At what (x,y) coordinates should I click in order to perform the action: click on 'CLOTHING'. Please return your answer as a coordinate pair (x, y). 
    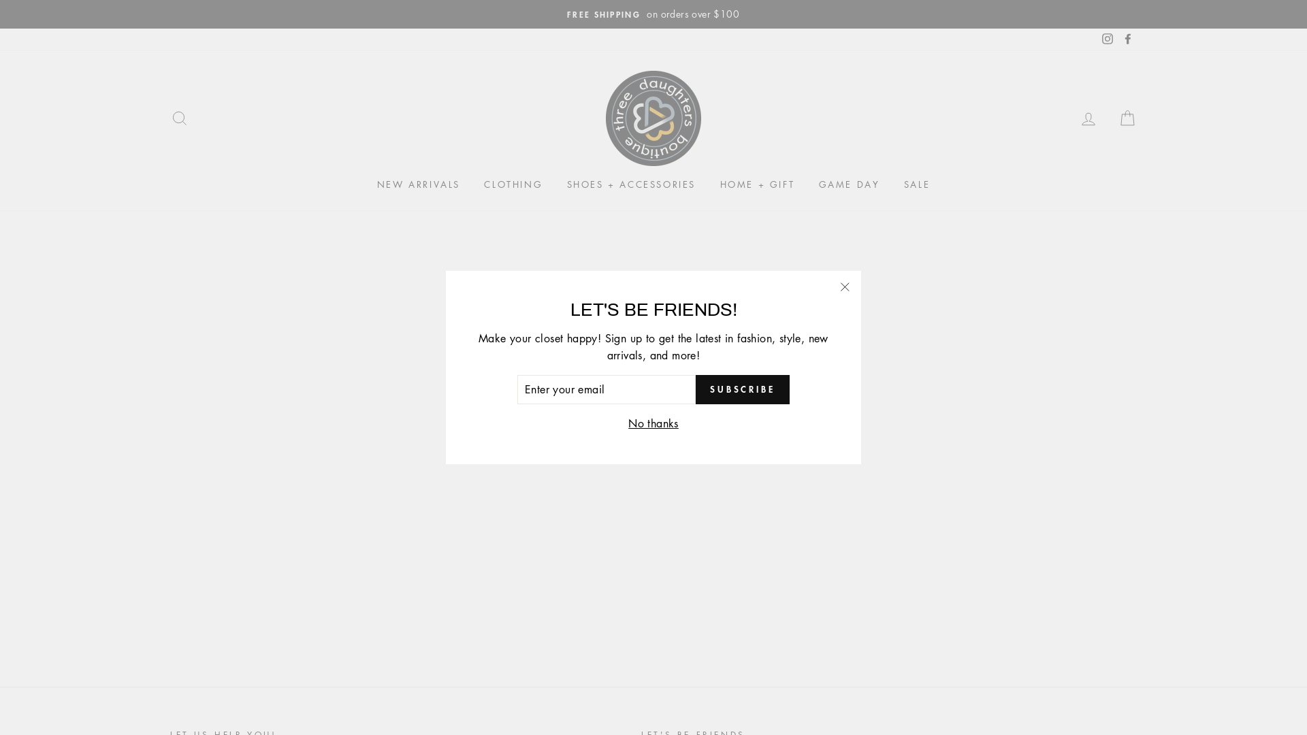
    Looking at the image, I should click on (512, 185).